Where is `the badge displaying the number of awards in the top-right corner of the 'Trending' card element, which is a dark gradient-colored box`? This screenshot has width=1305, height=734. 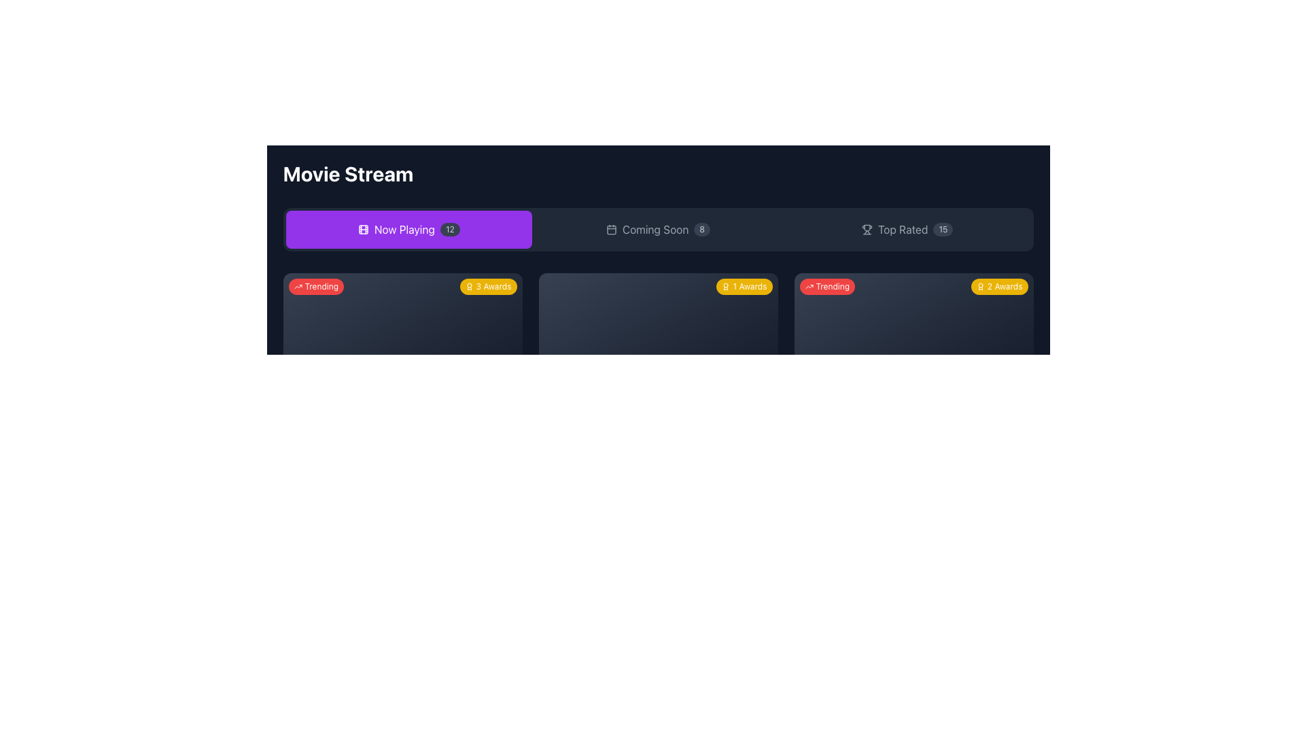
the badge displaying the number of awards in the top-right corner of the 'Trending' card element, which is a dark gradient-colored box is located at coordinates (488, 285).